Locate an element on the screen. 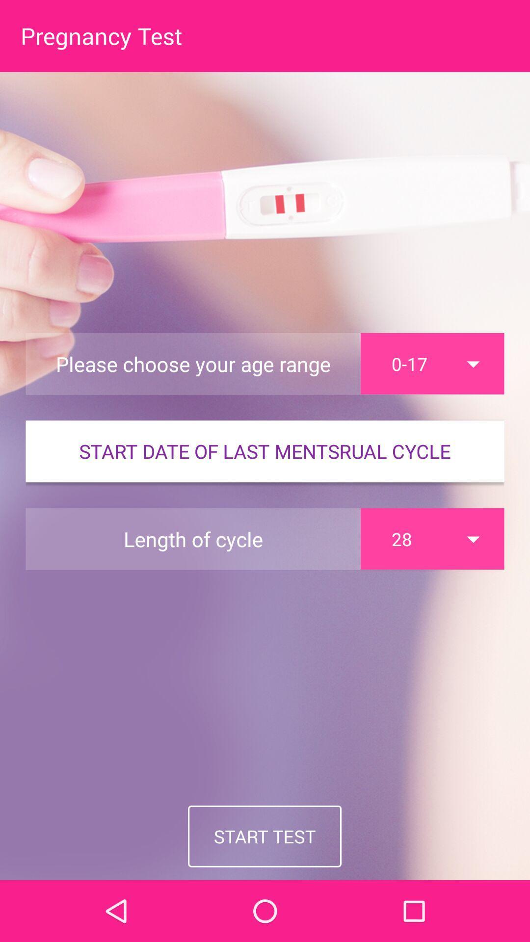 The width and height of the screenshot is (530, 942). the item below the start date of is located at coordinates (432, 538).